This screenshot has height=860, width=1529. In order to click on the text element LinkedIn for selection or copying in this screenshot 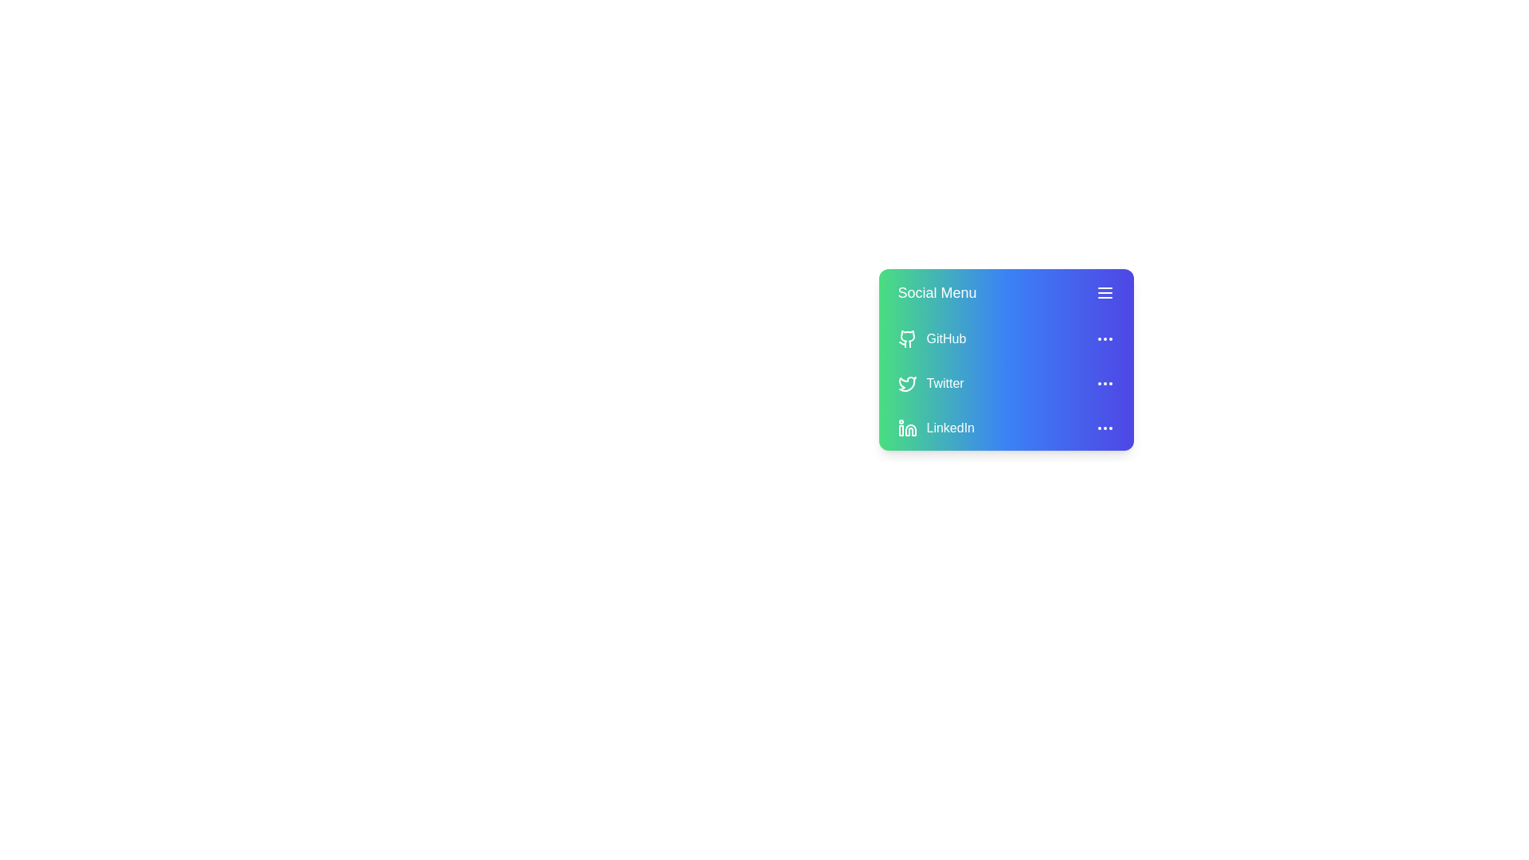, I will do `click(1005, 427)`.